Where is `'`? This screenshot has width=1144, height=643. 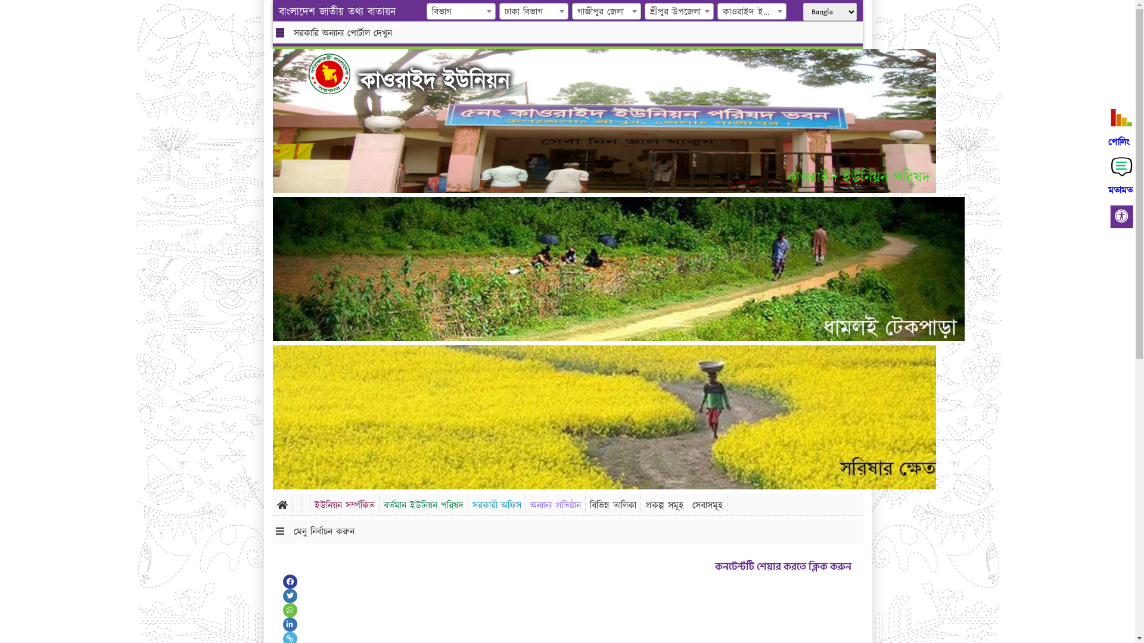 ' is located at coordinates (338, 73).